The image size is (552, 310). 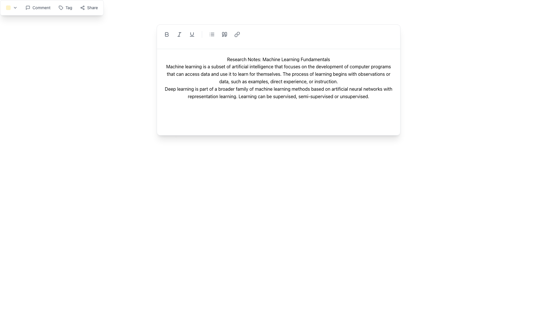 What do you see at coordinates (192, 34) in the screenshot?
I see `the underlining button located in the text editor toolbar, positioned between the italic button and the ordered list button` at bounding box center [192, 34].